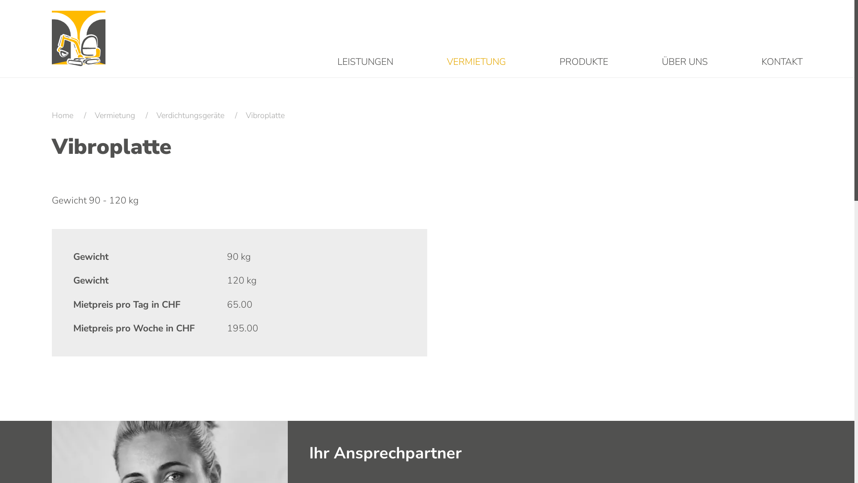 This screenshot has width=858, height=483. I want to click on 'Home', so click(51, 115).